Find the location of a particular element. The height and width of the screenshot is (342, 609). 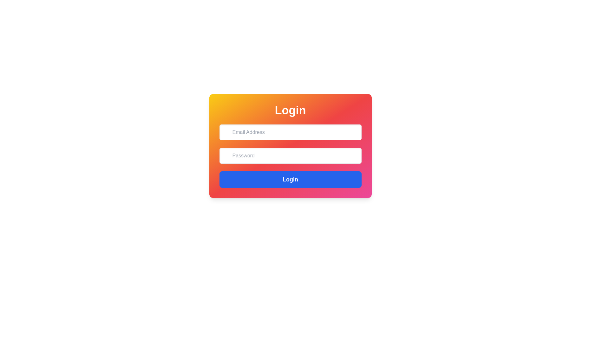

the visibility toggle button for the password field in the login form is located at coordinates (354, 155).